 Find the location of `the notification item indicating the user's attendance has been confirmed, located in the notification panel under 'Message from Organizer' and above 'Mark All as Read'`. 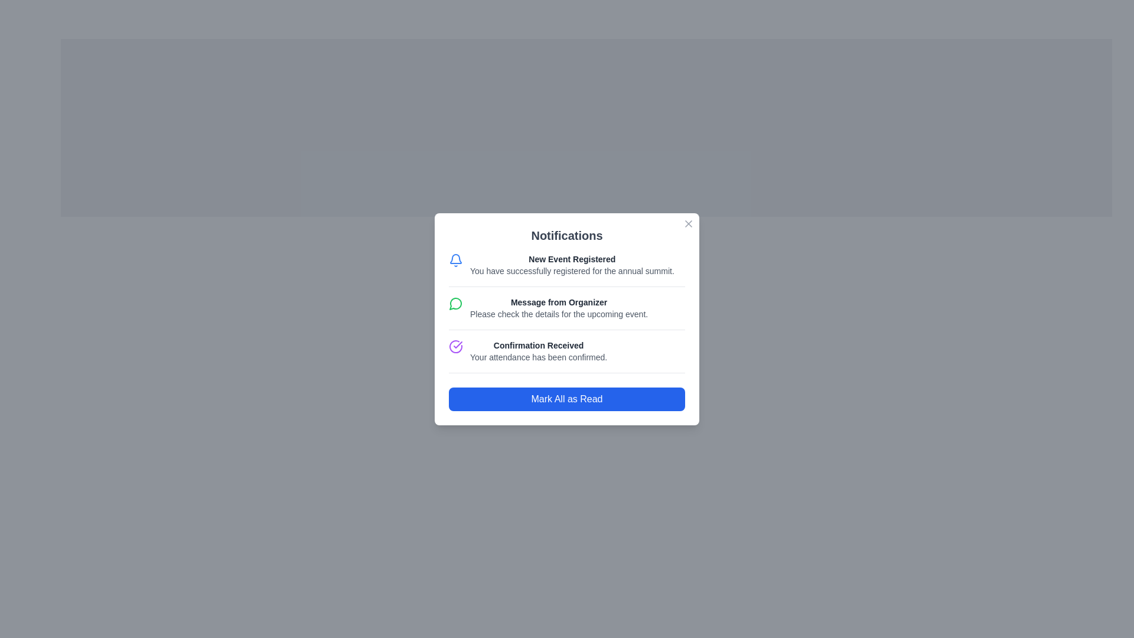

the notification item indicating the user's attendance has been confirmed, located in the notification panel under 'Message from Organizer' and above 'Mark All as Read' is located at coordinates (567, 355).